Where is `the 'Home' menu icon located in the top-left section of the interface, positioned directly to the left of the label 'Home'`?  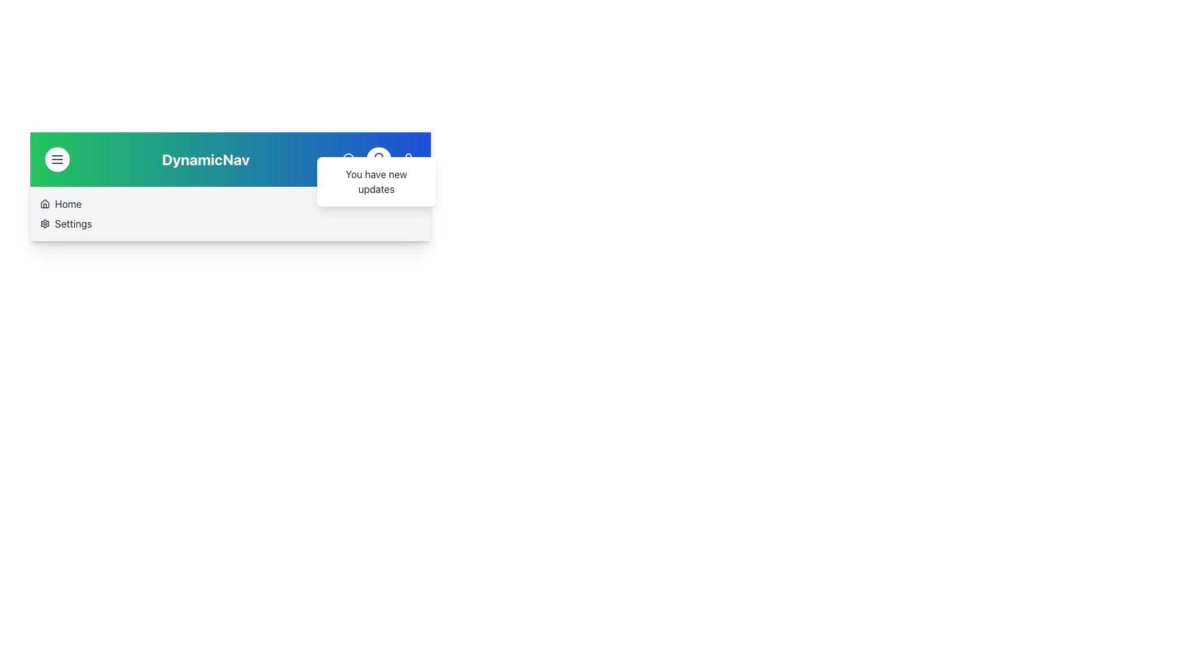 the 'Home' menu icon located in the top-left section of the interface, positioned directly to the left of the label 'Home' is located at coordinates (45, 203).